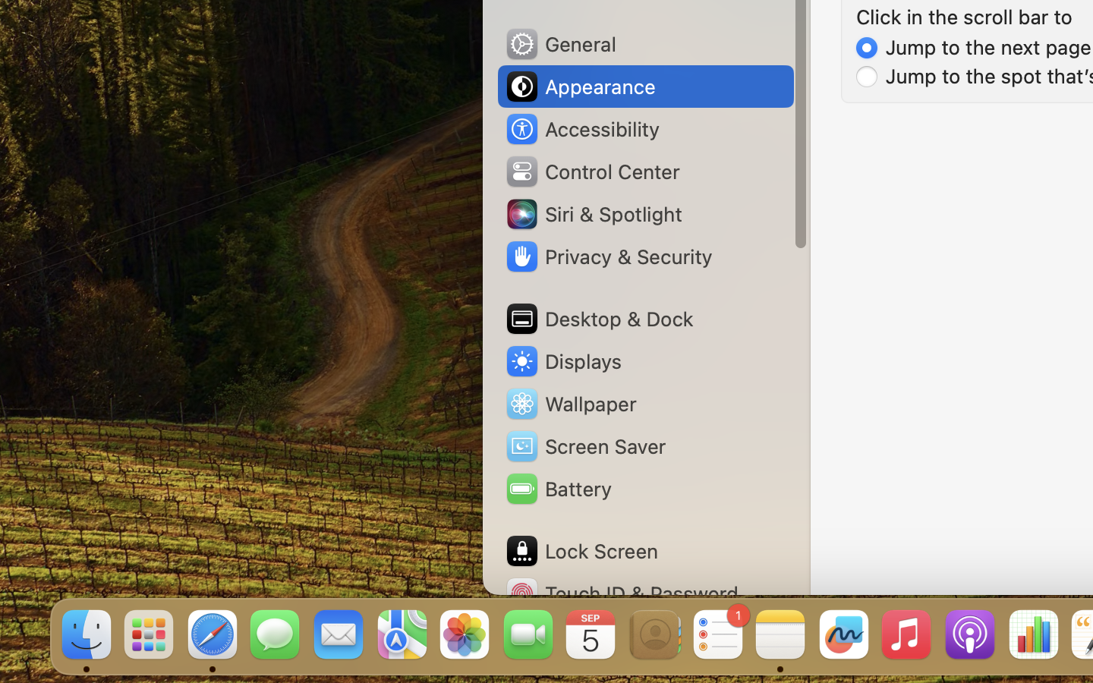 Image resolution: width=1093 pixels, height=683 pixels. Describe the element at coordinates (580, 550) in the screenshot. I see `'Lock Screen'` at that location.